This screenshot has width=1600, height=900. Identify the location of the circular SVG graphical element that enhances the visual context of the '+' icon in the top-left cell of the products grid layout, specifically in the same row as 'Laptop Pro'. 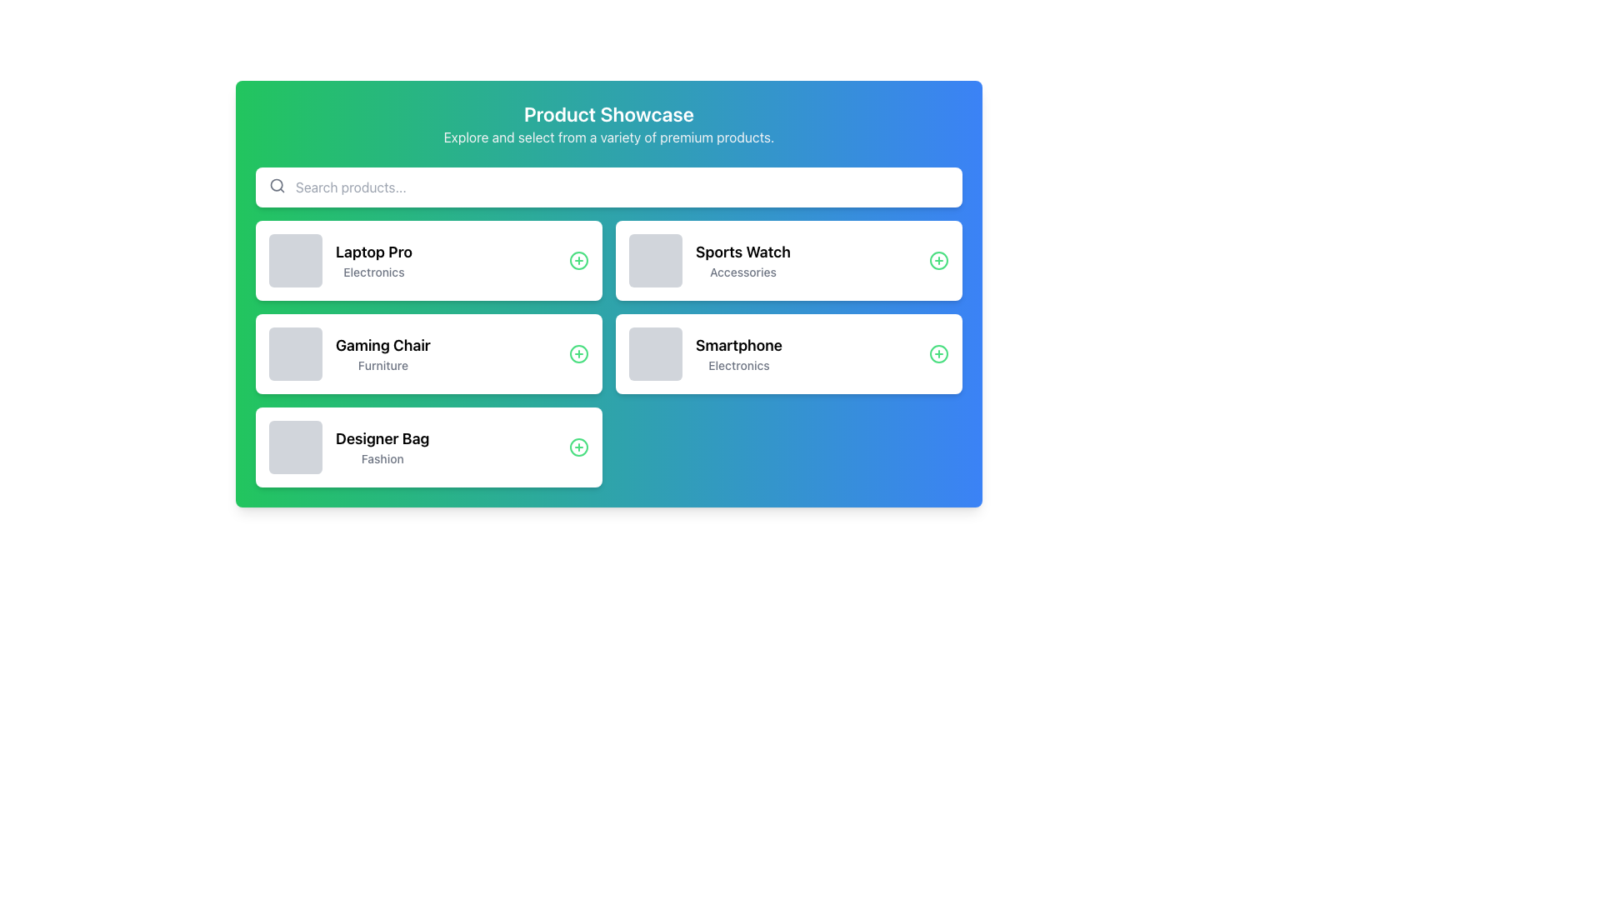
(579, 260).